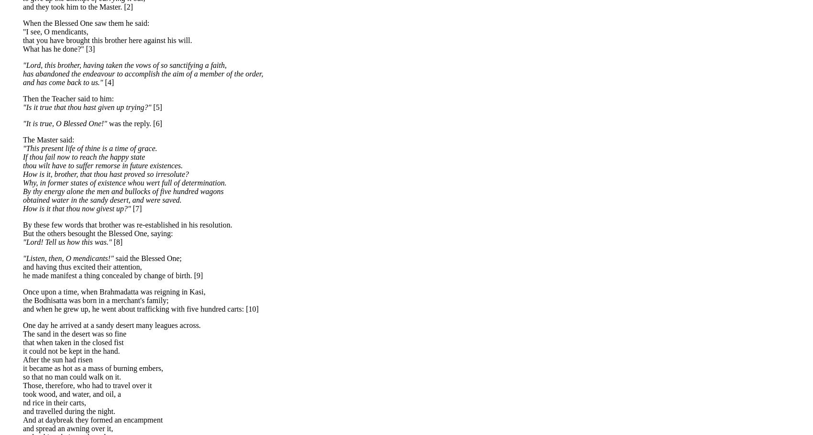 Image resolution: width=813 pixels, height=435 pixels. What do you see at coordinates (55, 31) in the screenshot?
I see `'"I see,  O mendicants,'` at bounding box center [55, 31].